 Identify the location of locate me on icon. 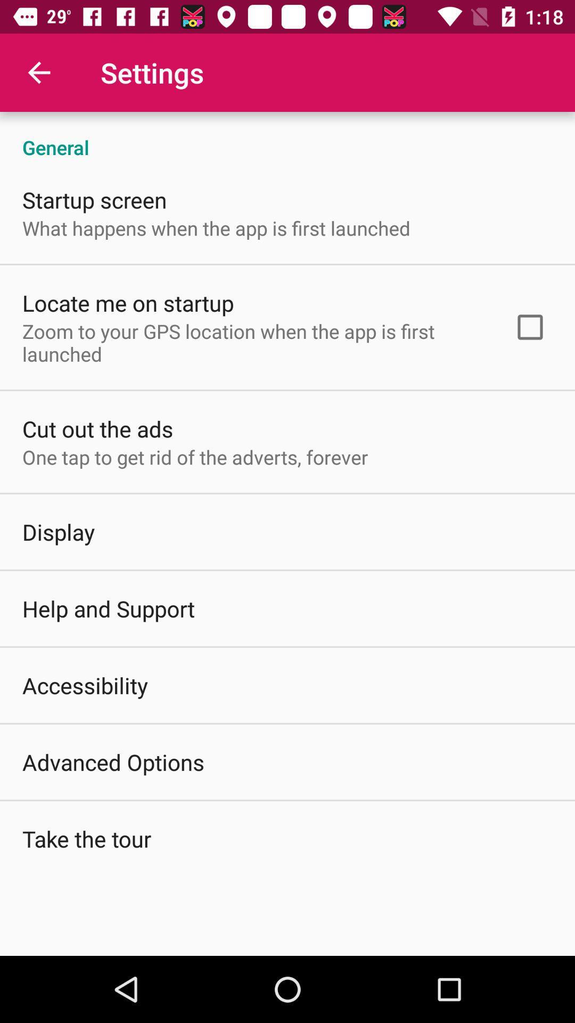
(127, 302).